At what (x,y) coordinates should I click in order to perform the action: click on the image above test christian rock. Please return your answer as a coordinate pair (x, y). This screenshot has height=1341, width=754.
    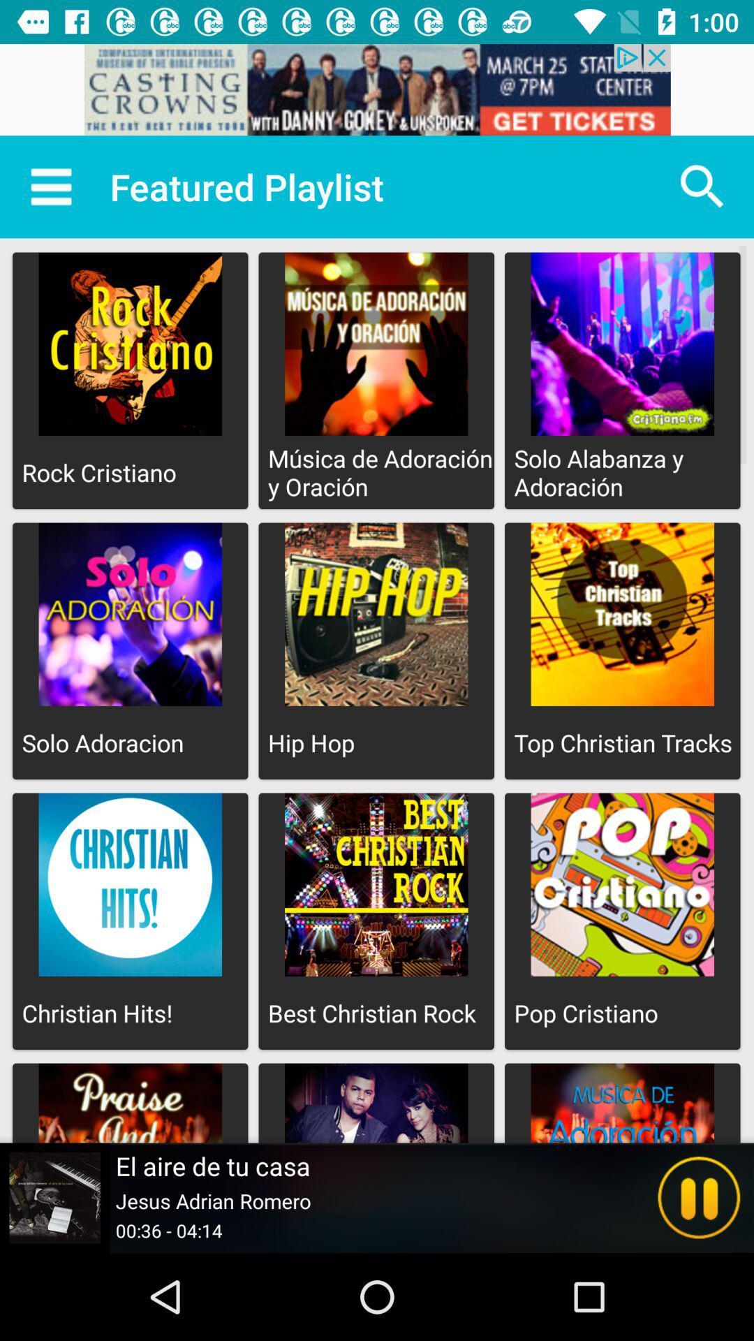
    Looking at the image, I should click on (376, 884).